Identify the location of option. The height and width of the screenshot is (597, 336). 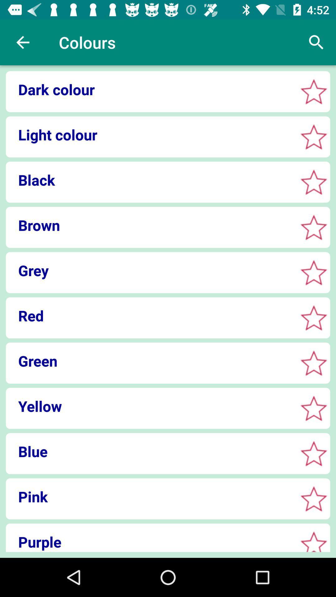
(314, 363).